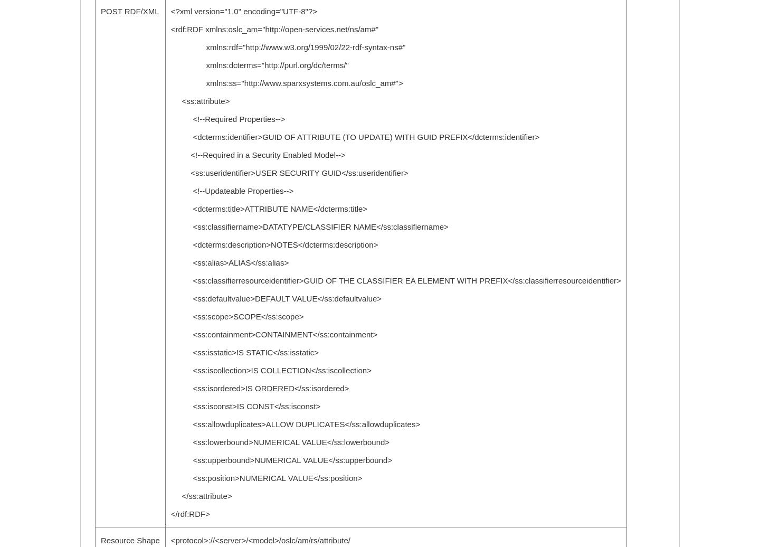 Image resolution: width=760 pixels, height=547 pixels. I want to click on '<ss:position>NUMERICAL VALUE</ss:position>', so click(265, 478).